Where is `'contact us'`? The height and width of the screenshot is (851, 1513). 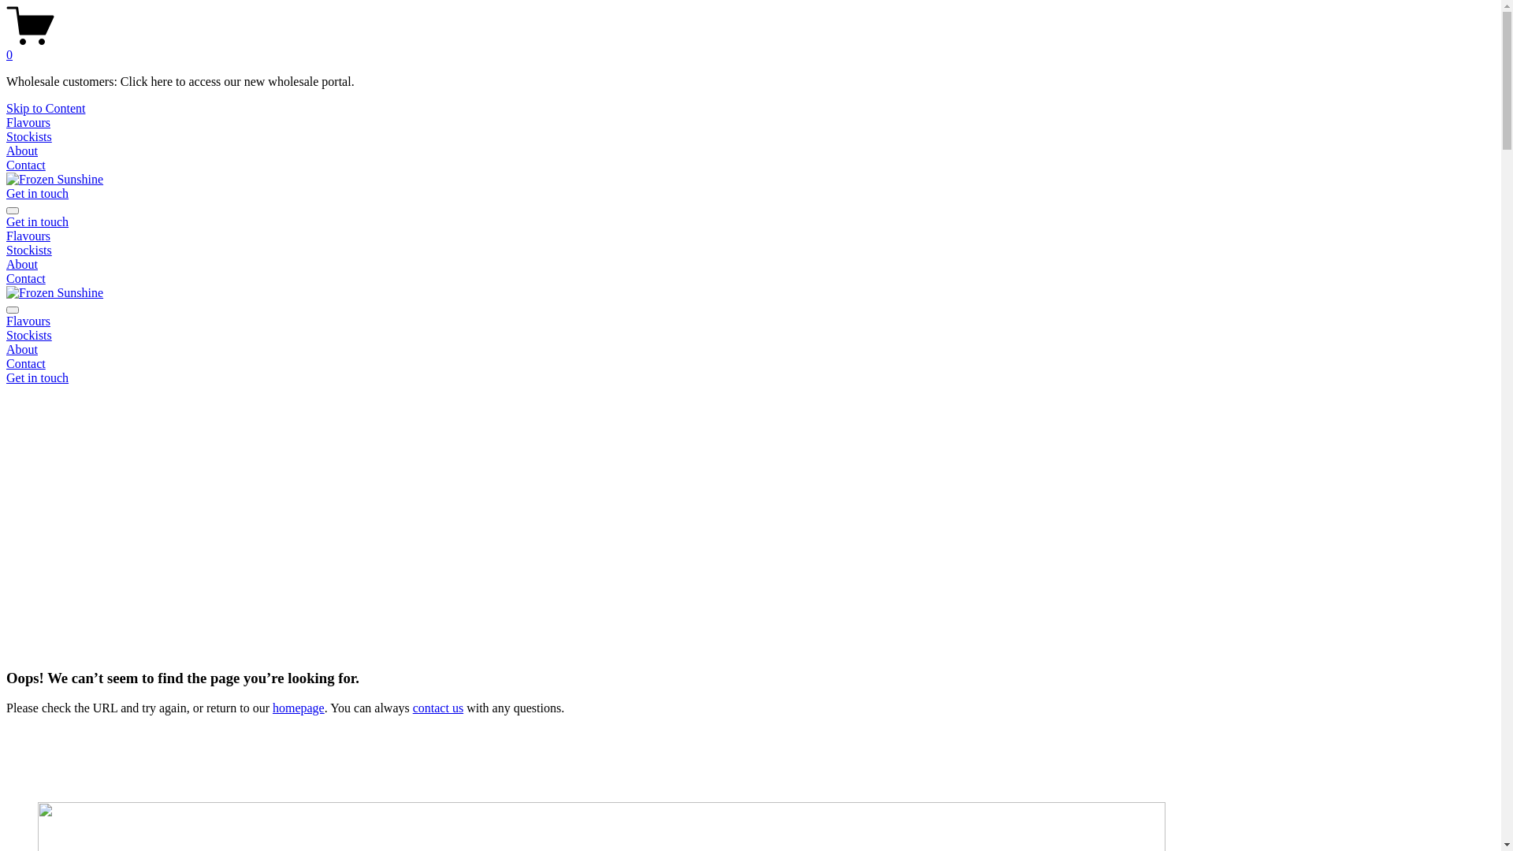 'contact us' is located at coordinates (412, 707).